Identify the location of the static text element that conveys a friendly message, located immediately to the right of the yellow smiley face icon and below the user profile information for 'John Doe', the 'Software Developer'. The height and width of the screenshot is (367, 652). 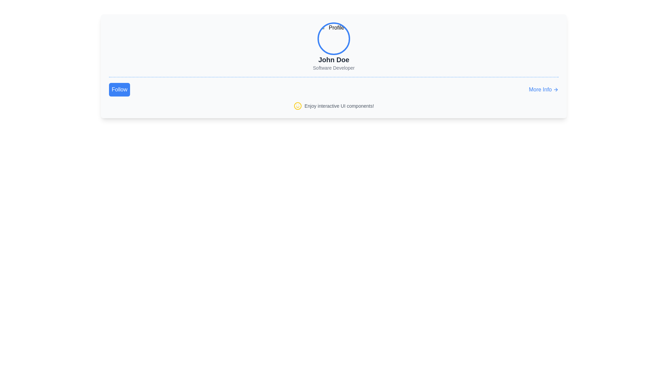
(339, 106).